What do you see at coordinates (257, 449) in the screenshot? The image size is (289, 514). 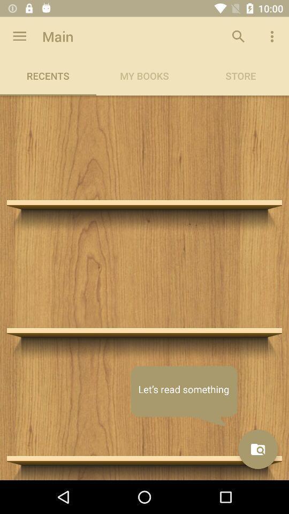 I see `the photo icon` at bounding box center [257, 449].